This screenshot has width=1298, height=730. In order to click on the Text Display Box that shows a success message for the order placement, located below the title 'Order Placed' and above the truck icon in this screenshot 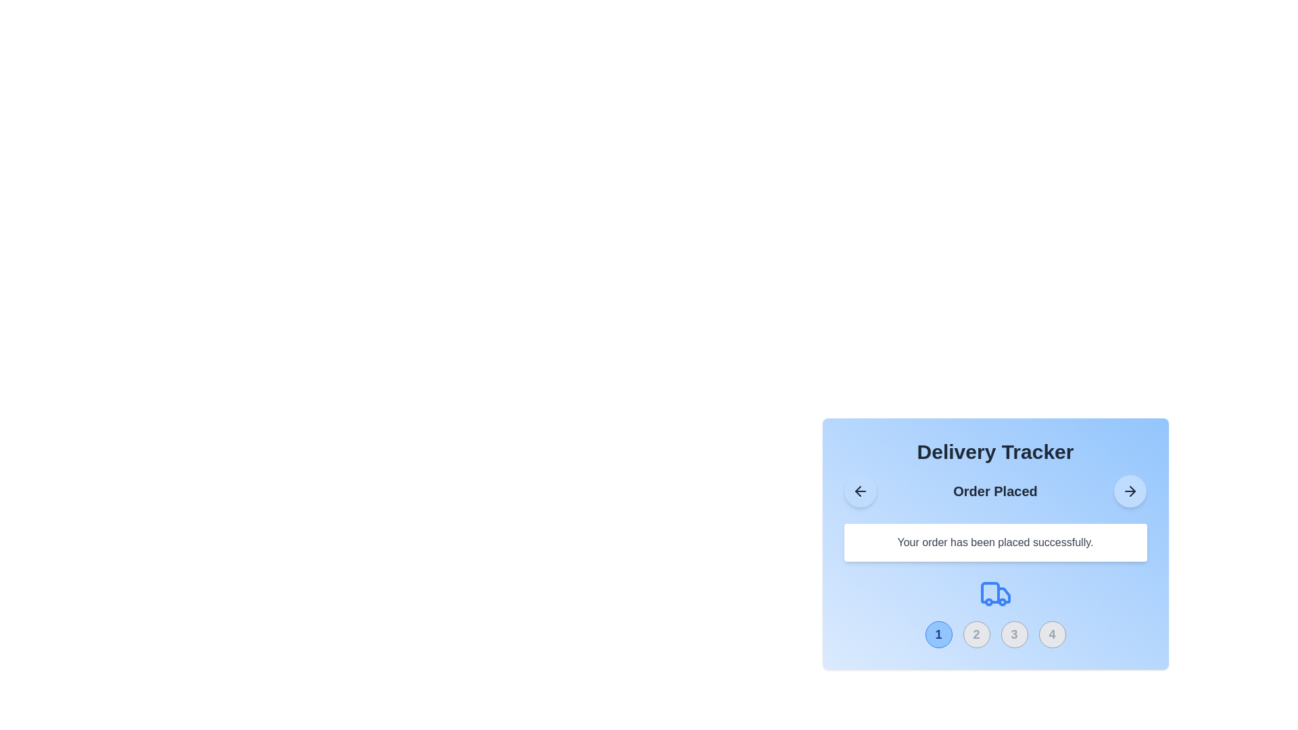, I will do `click(995, 561)`.